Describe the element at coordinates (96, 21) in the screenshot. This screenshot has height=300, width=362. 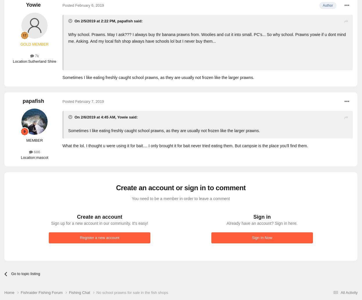
I see `'On 2/5/2019 at 2:22 PM,'` at that location.